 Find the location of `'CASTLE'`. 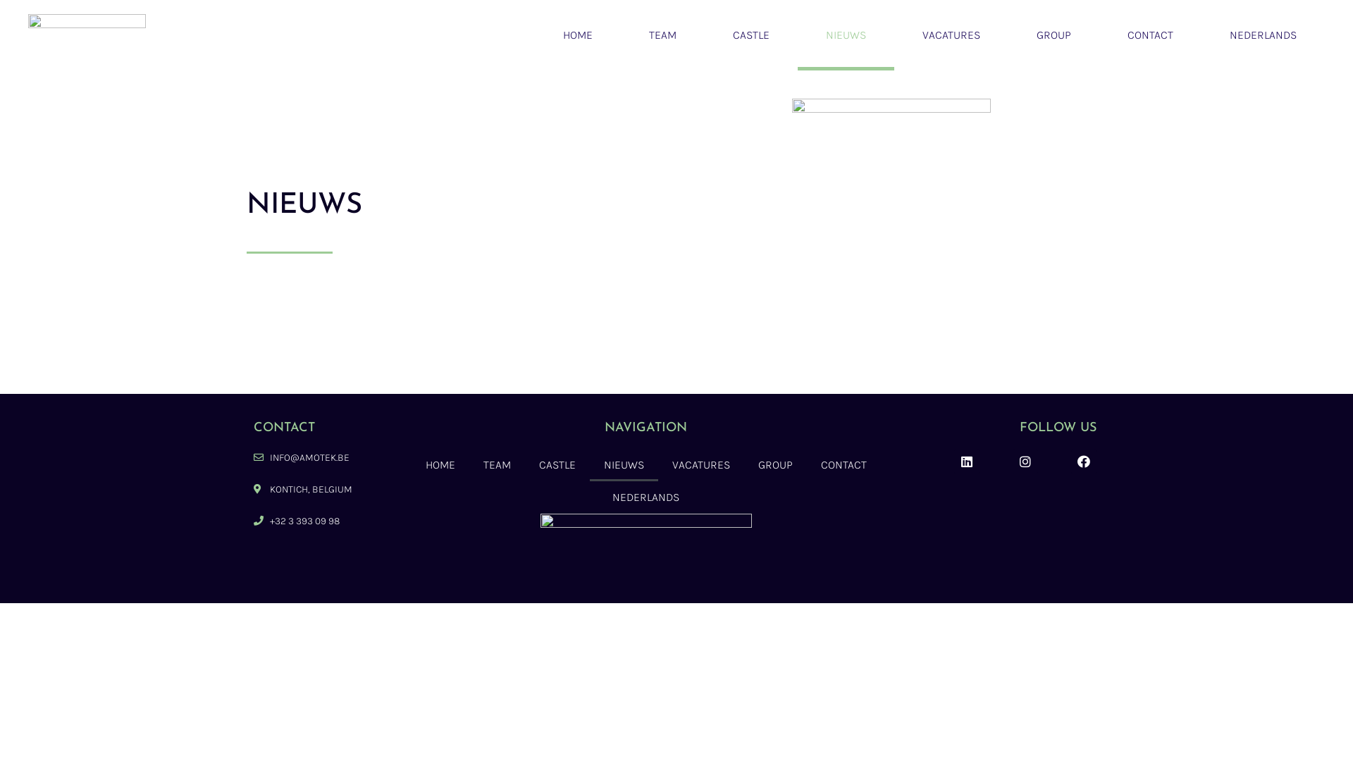

'CASTLE' is located at coordinates (750, 35).